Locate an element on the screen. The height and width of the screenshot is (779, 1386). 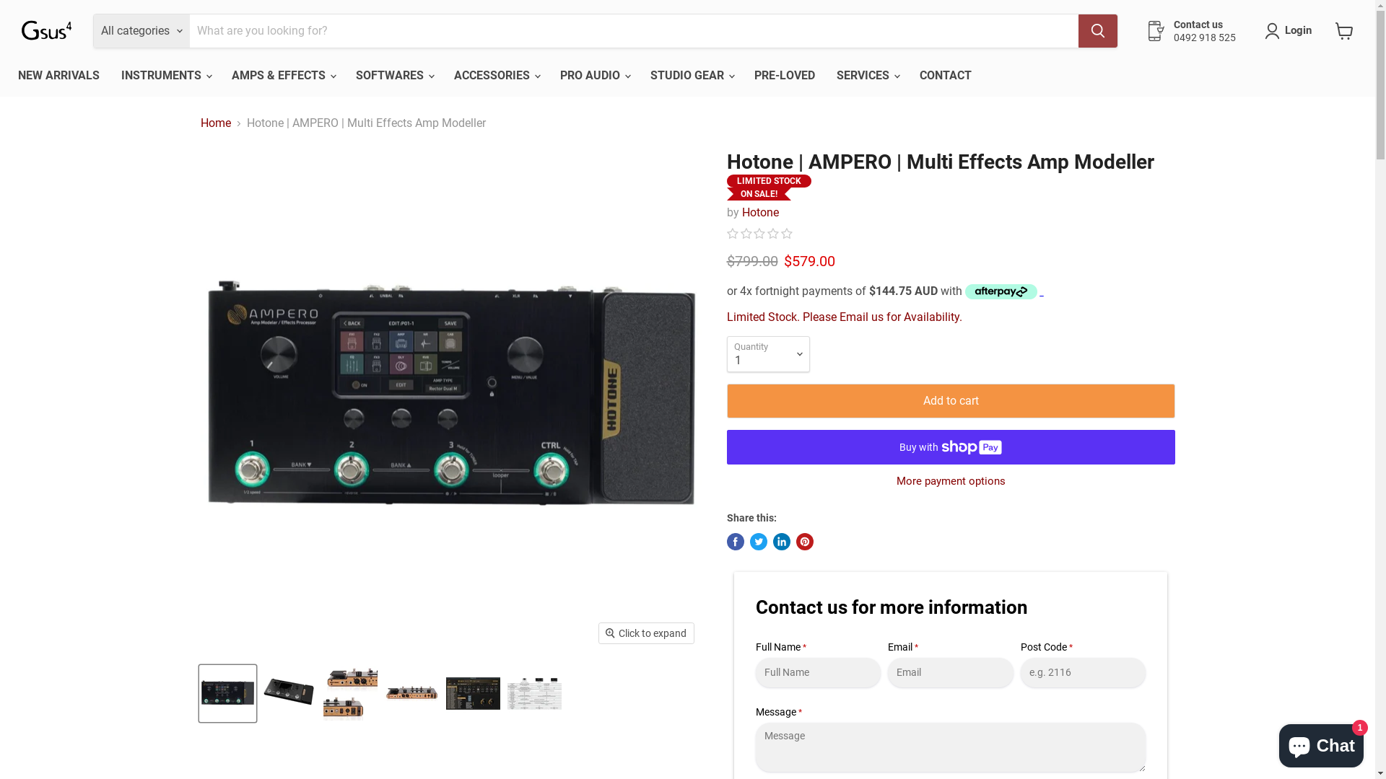
'Home' is located at coordinates (214, 122).